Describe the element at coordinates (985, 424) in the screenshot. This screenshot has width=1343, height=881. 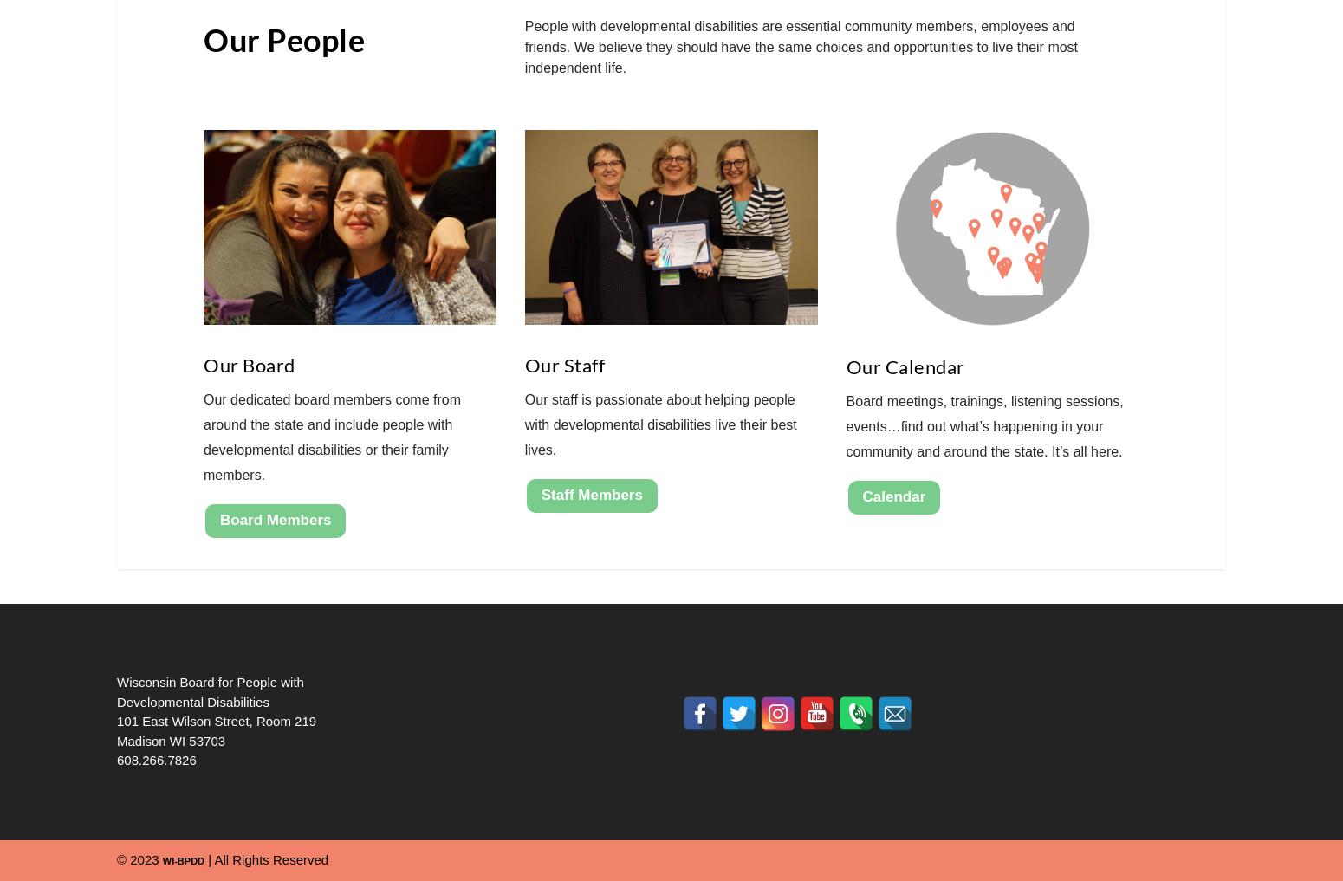
I see `'Board meetings, trainings, listening sessions, events…find out what’s happening in your community and around the state. It’s all here.'` at that location.